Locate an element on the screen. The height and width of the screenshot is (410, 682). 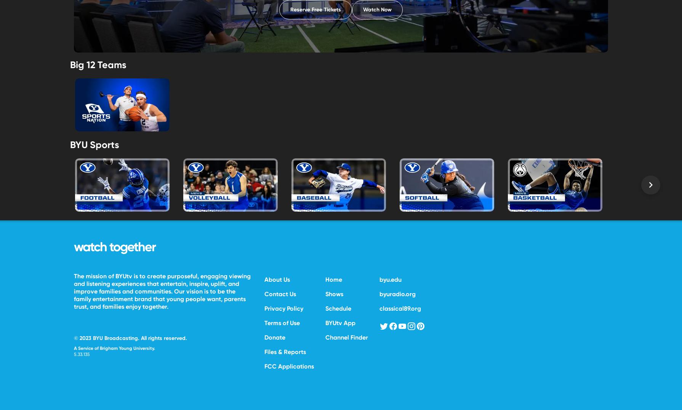
'BYUtv App' is located at coordinates (340, 322).